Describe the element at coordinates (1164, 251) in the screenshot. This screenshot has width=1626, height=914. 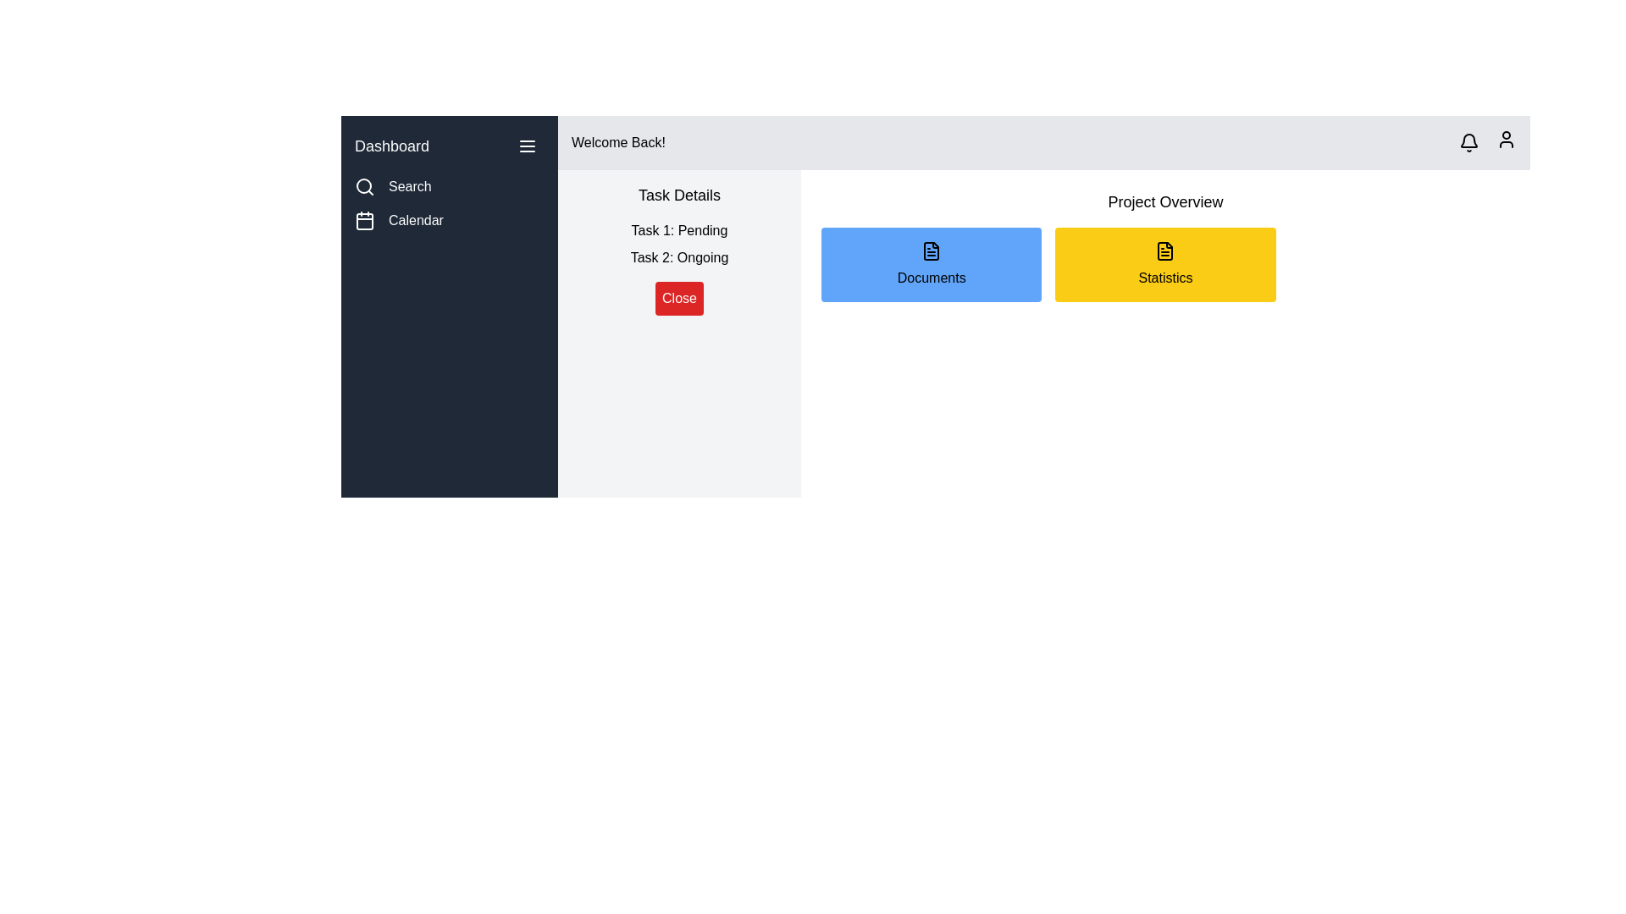
I see `the icon inside the yellow box labeled 'Statistics'` at that location.